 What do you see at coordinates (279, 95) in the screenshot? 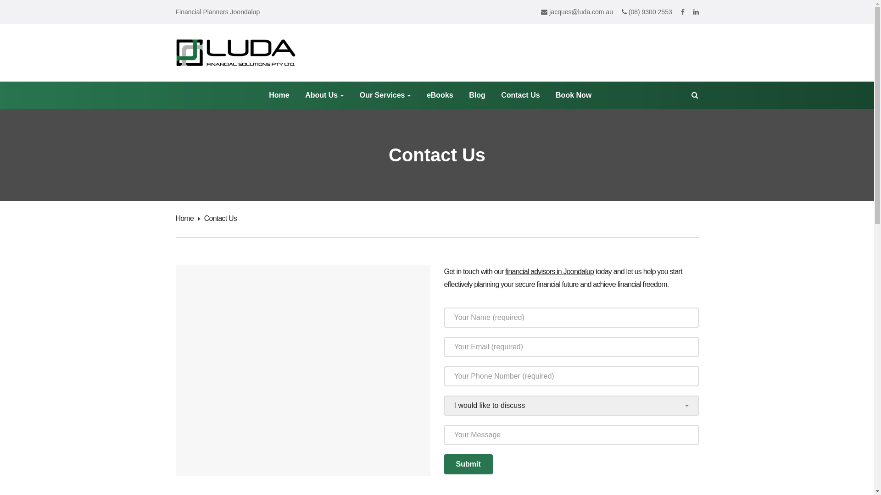
I see `'Home'` at bounding box center [279, 95].